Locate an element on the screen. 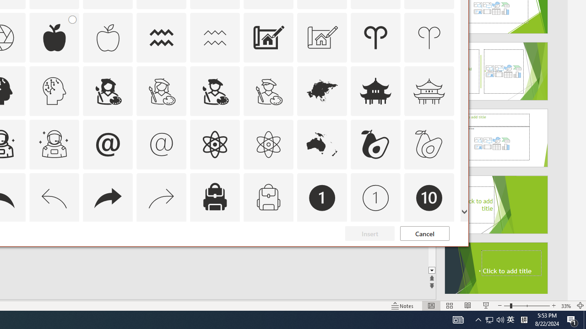 The width and height of the screenshot is (586, 329). 'AutomationID: Icons_Aquarius' is located at coordinates (162, 37).